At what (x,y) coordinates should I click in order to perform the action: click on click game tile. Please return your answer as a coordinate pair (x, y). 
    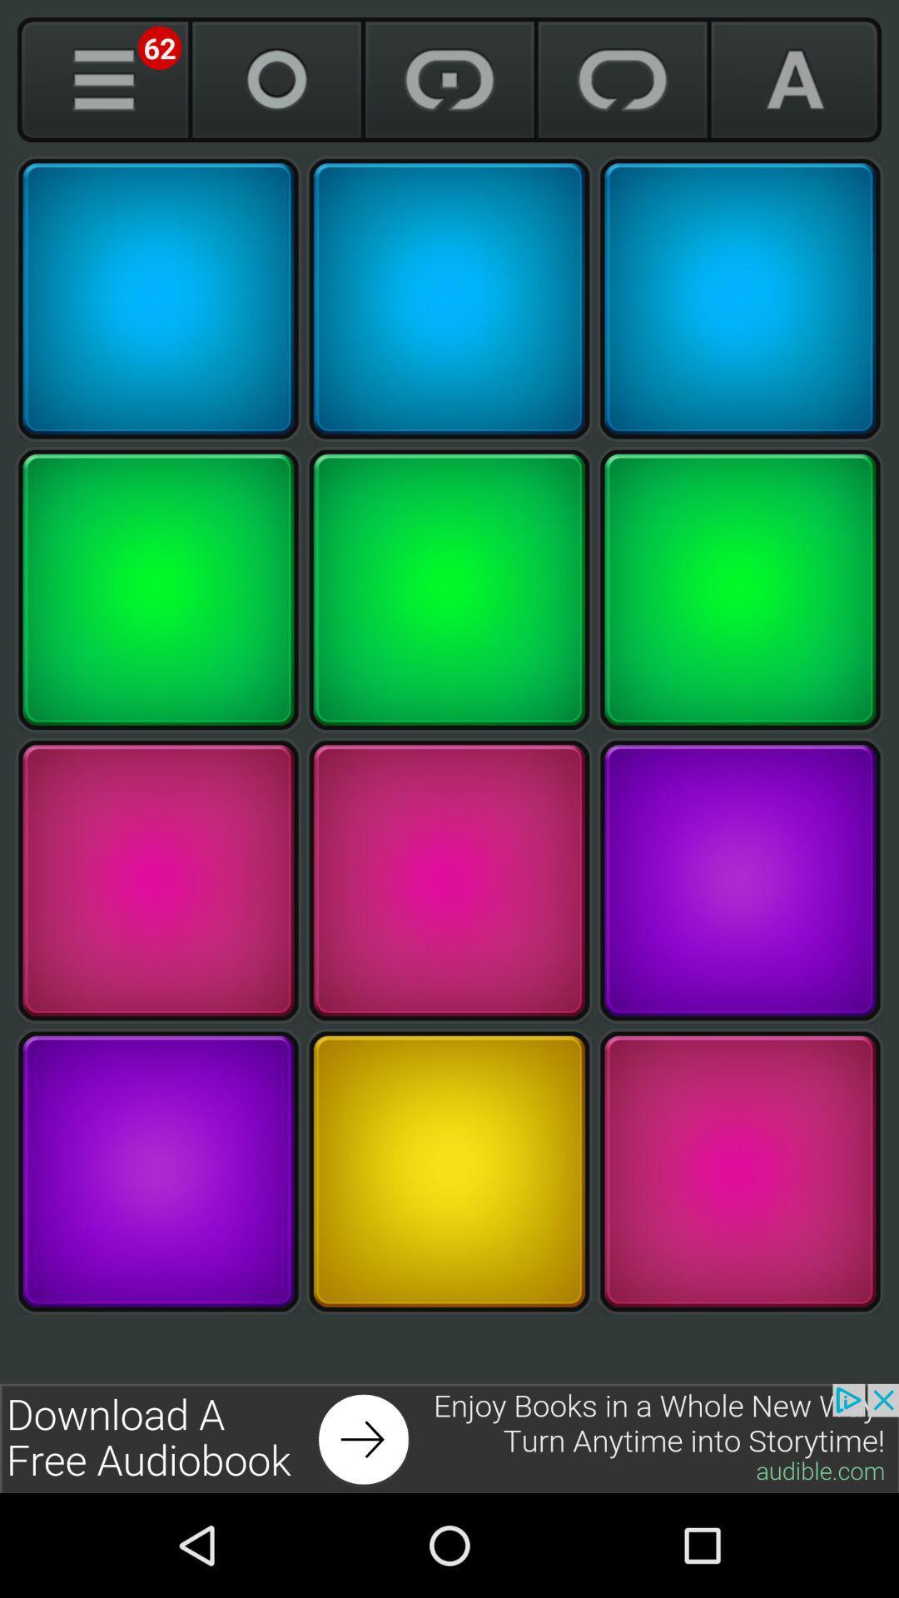
    Looking at the image, I should click on (449, 1170).